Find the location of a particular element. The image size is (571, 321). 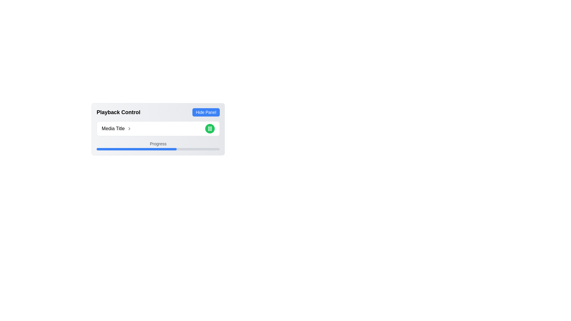

the 'Pause' button icon, which is a circular button with a green background, located to the right of the 'Media Title' bar is located at coordinates (210, 128).